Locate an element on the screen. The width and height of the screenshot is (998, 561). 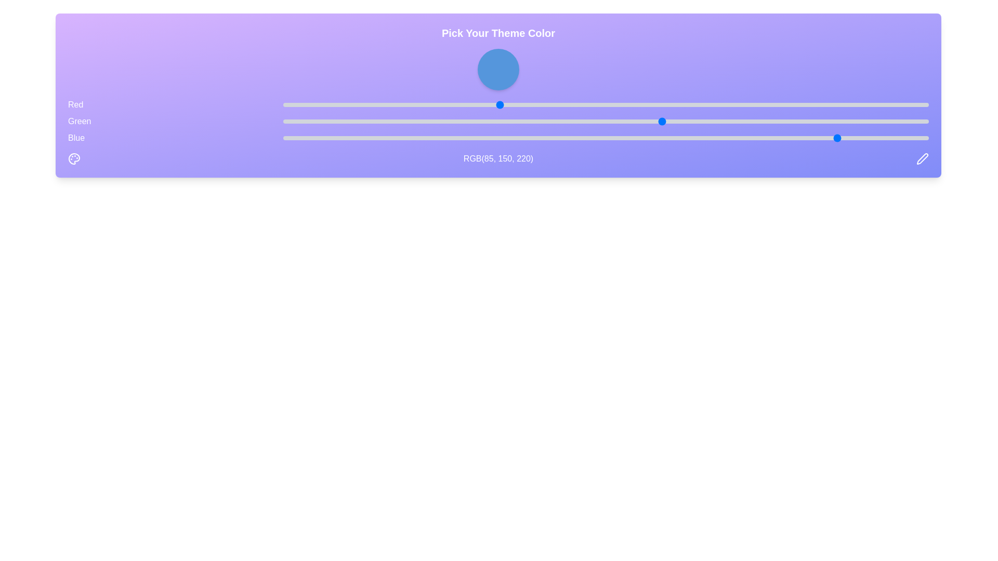
the slider's value is located at coordinates (761, 104).